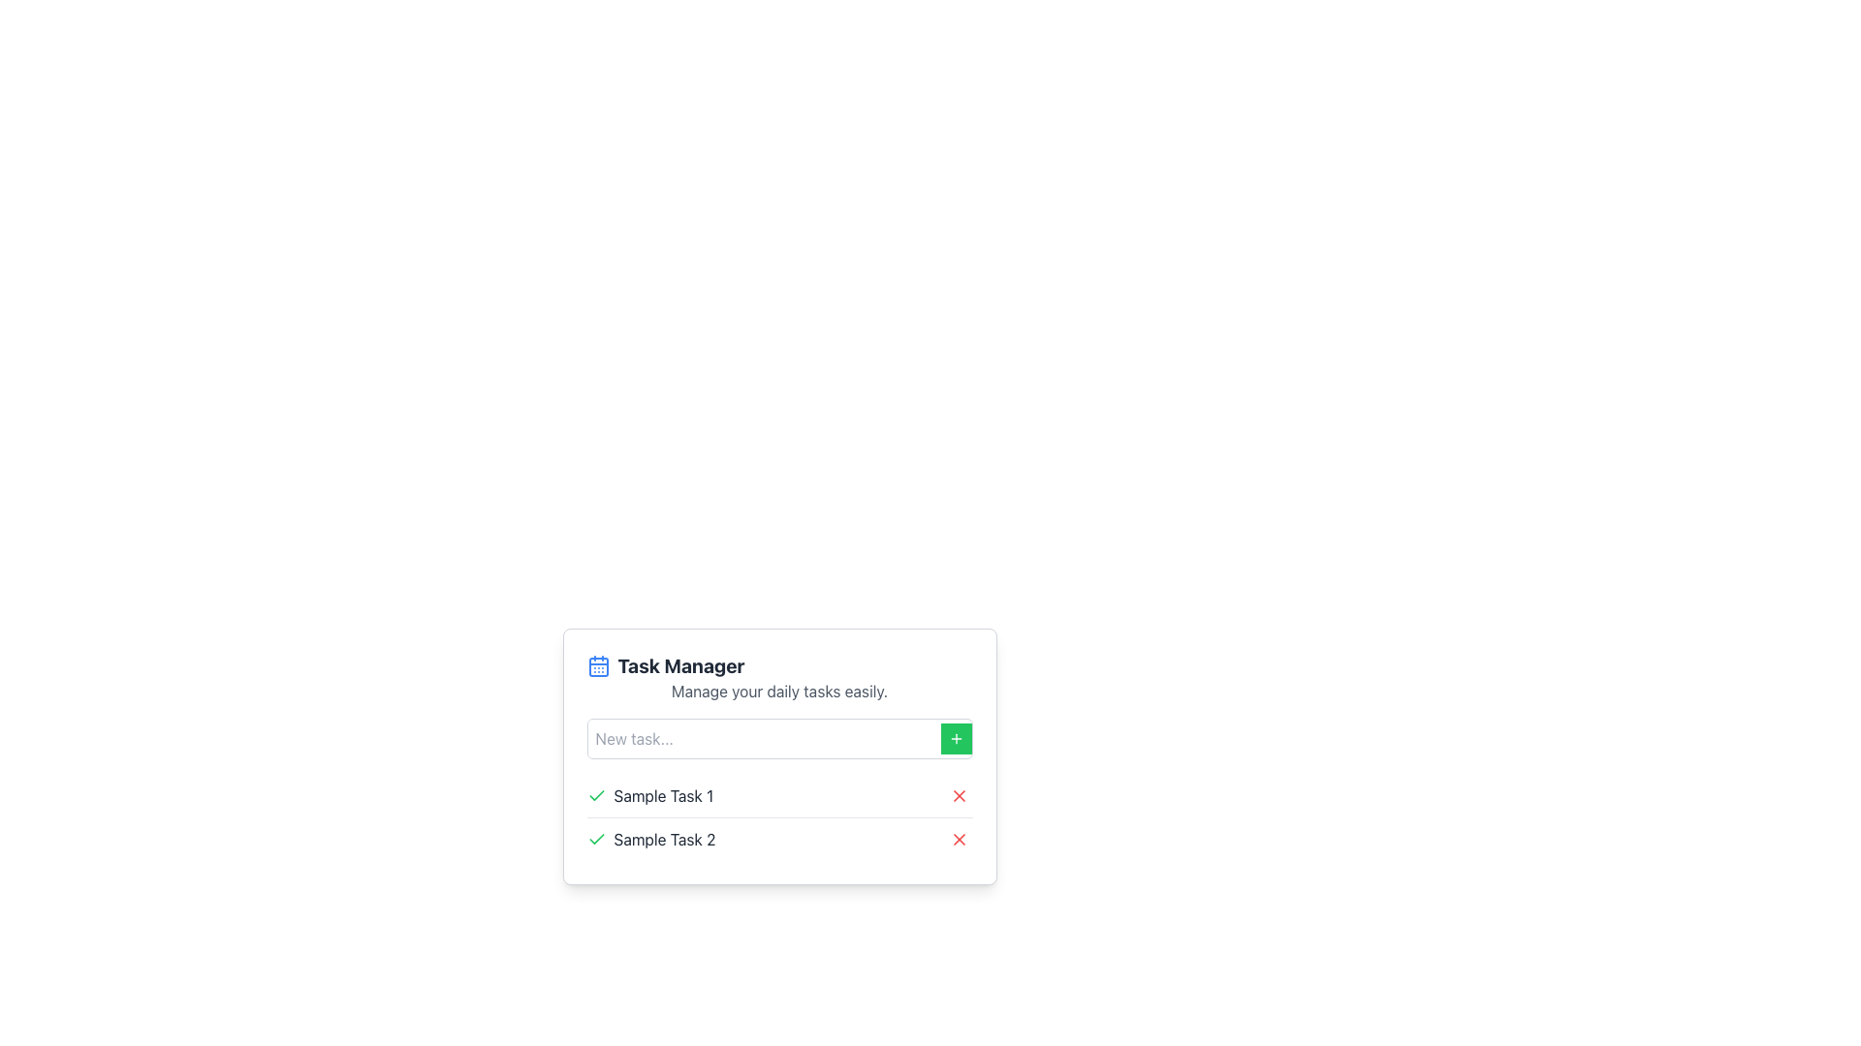 The width and height of the screenshot is (1861, 1046). Describe the element at coordinates (595, 839) in the screenshot. I see `the completion status icon located to the left of 'Sample Task 2' in the task list` at that location.